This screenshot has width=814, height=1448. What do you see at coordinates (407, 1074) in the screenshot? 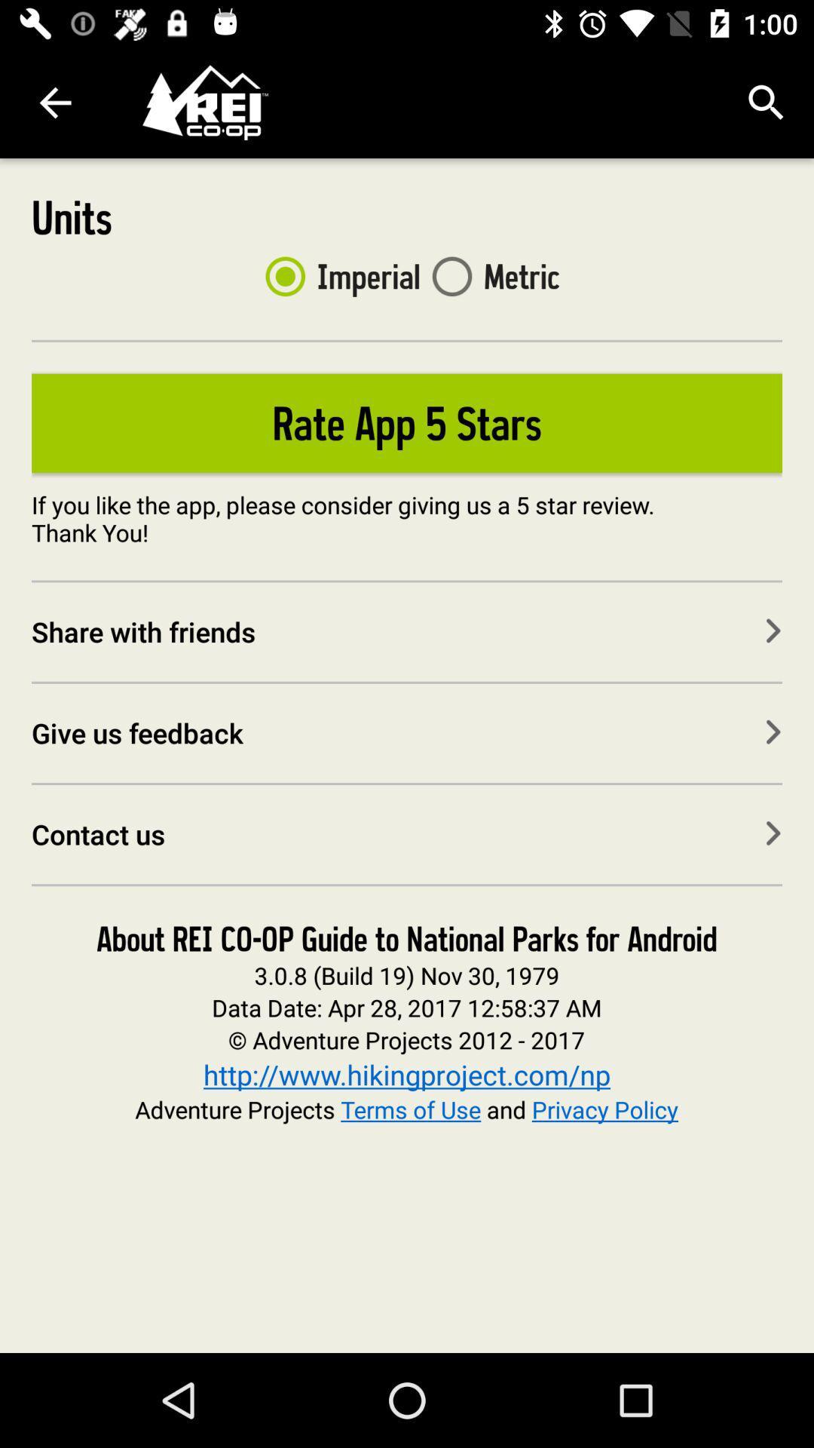
I see `the icon above the adventure projects terms item` at bounding box center [407, 1074].